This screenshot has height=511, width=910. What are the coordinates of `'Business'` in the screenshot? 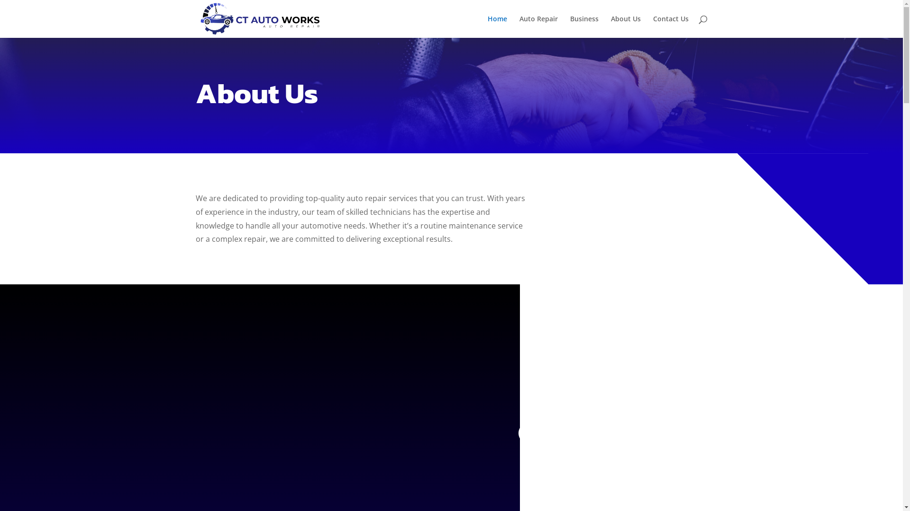 It's located at (583, 26).